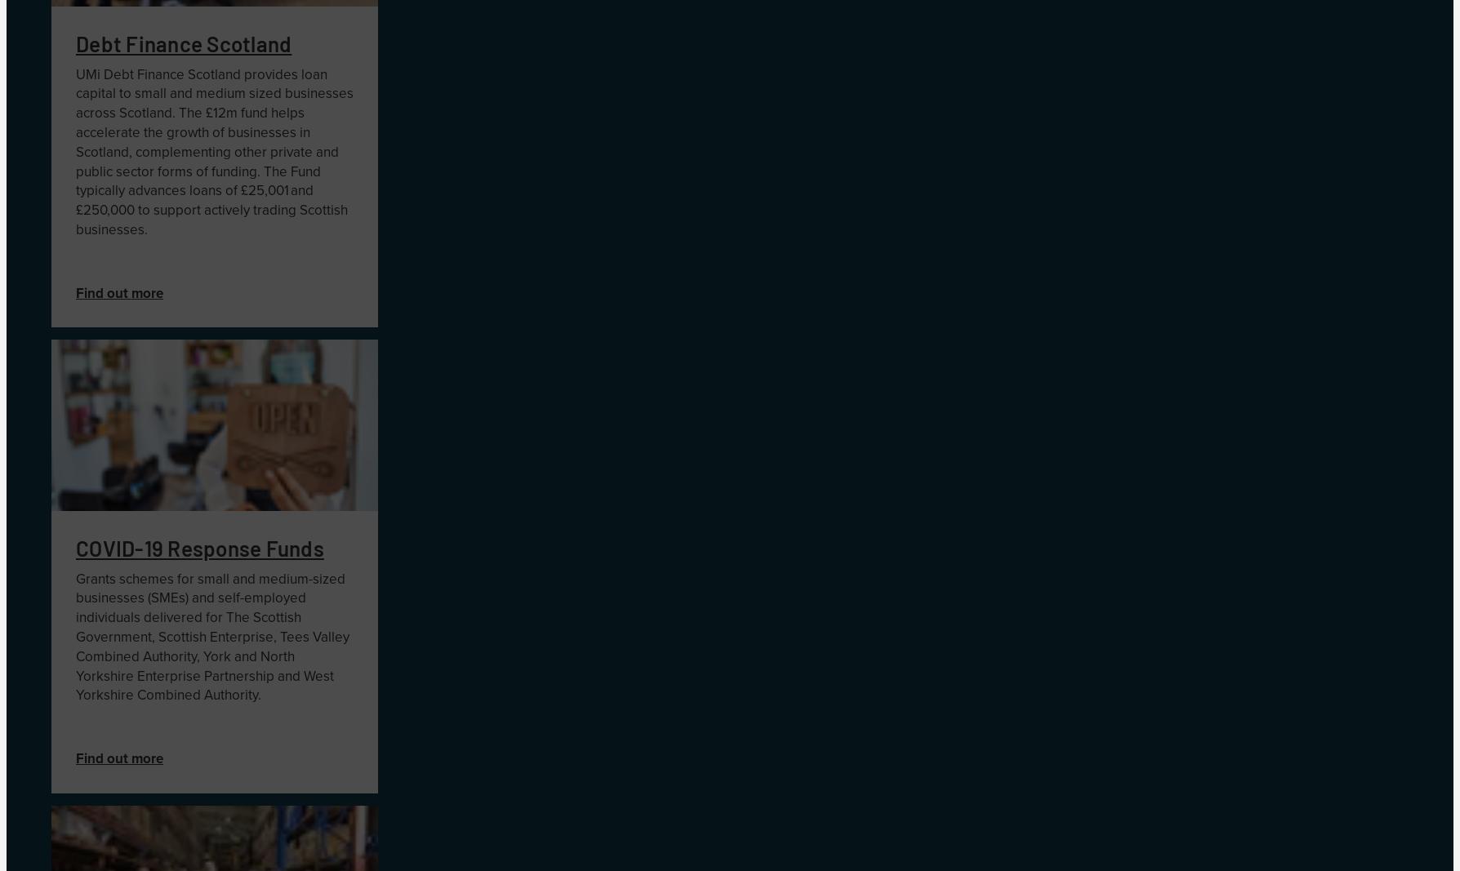  Describe the element at coordinates (75, 200) in the screenshot. I see `'The Fund typically advances loans of £25,001 and £250,000 to support actively trading Scottish businesses.'` at that location.